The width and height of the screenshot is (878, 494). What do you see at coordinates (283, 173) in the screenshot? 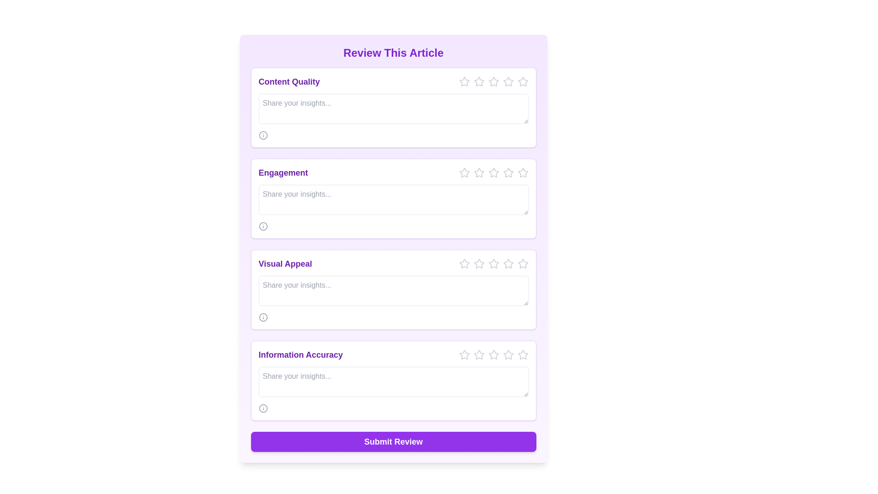
I see `the label indicating the category of the assessment form located below 'Content Quality' and above 'Visual Appeal' in the left part of the section` at bounding box center [283, 173].